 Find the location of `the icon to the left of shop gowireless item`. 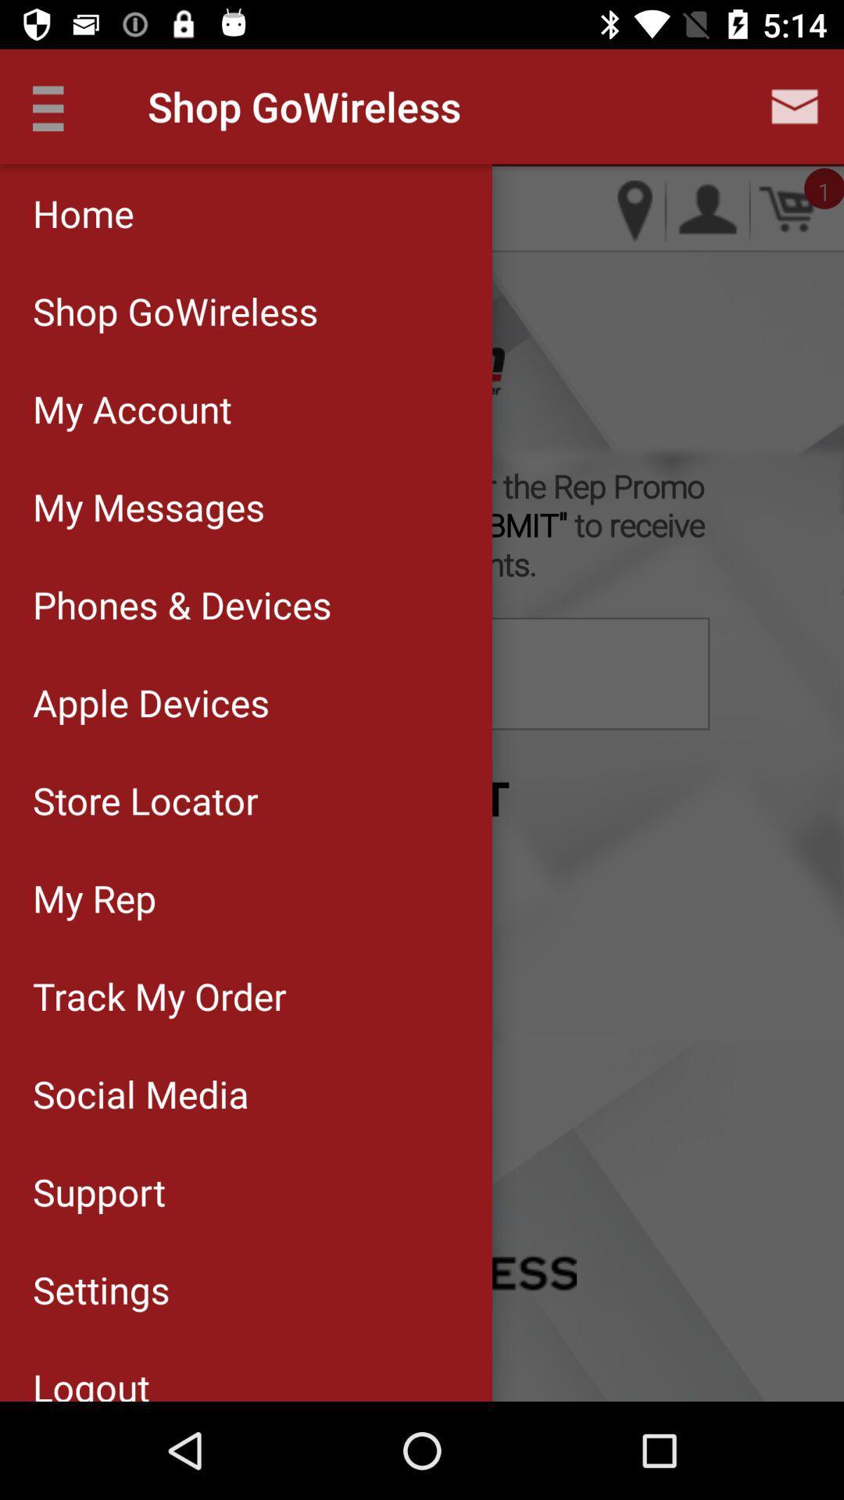

the icon to the left of shop gowireless item is located at coordinates (56, 105).